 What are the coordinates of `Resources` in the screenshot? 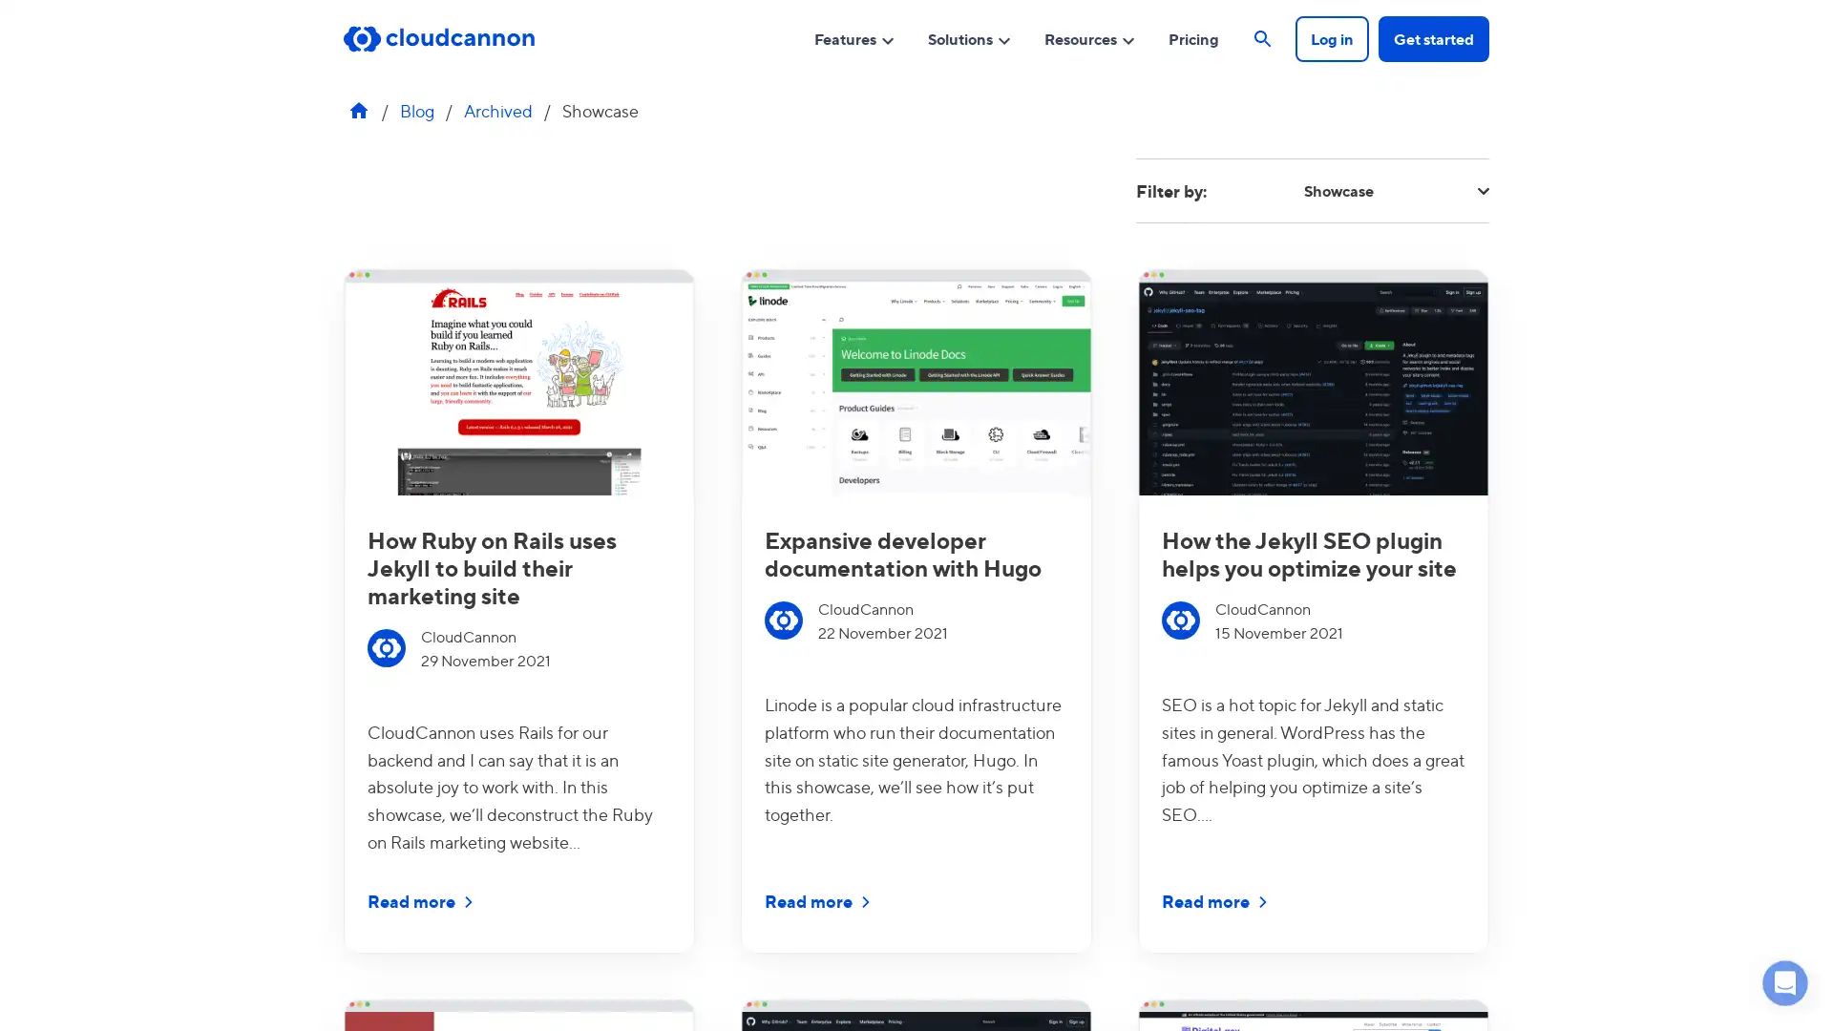 It's located at (1090, 37).